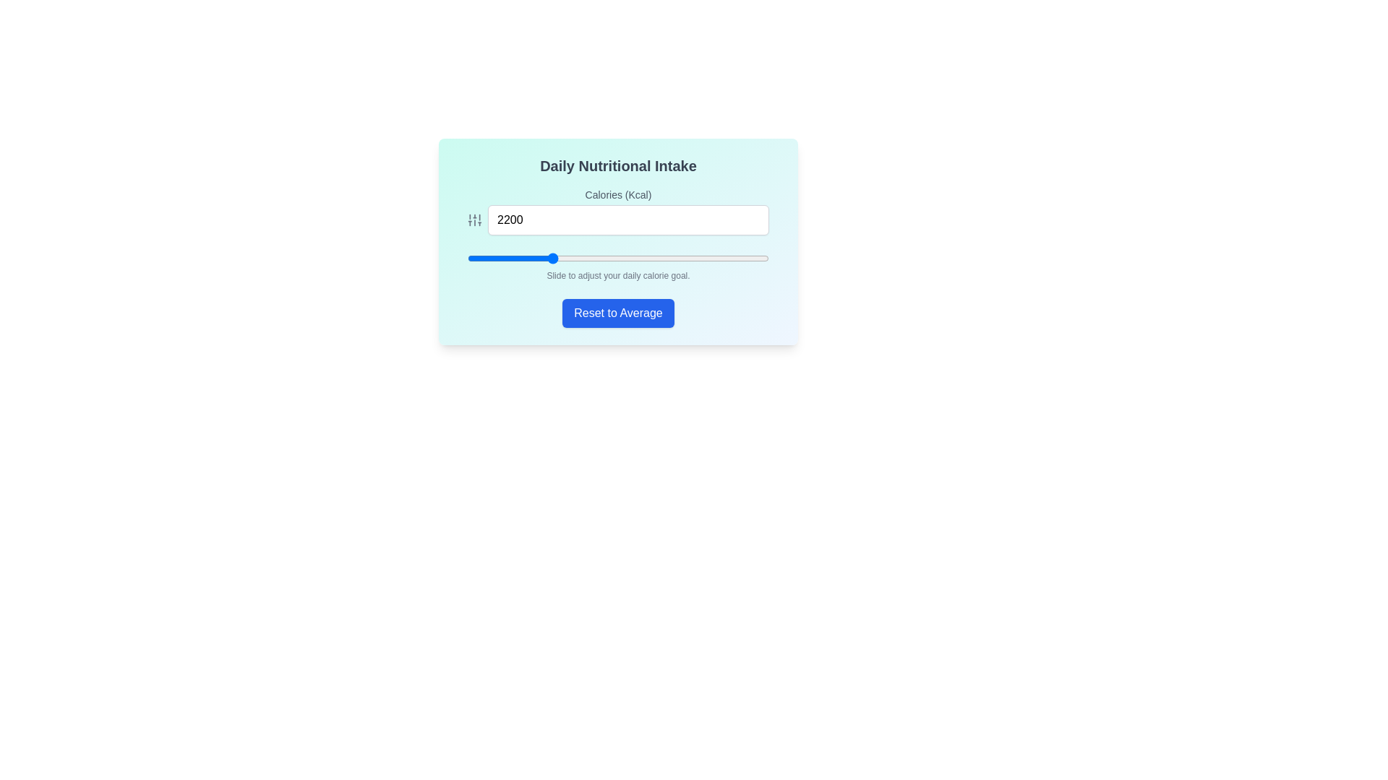 This screenshot has width=1388, height=780. What do you see at coordinates (618, 313) in the screenshot?
I see `the reset button located at the bottom of the 'Daily Nutritional Intake' component` at bounding box center [618, 313].